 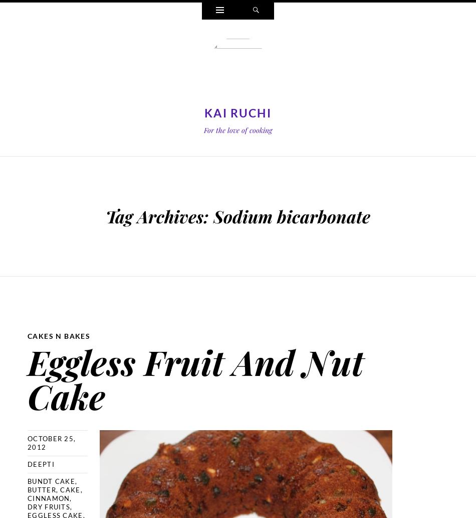 I want to click on 'Butter', so click(x=42, y=489).